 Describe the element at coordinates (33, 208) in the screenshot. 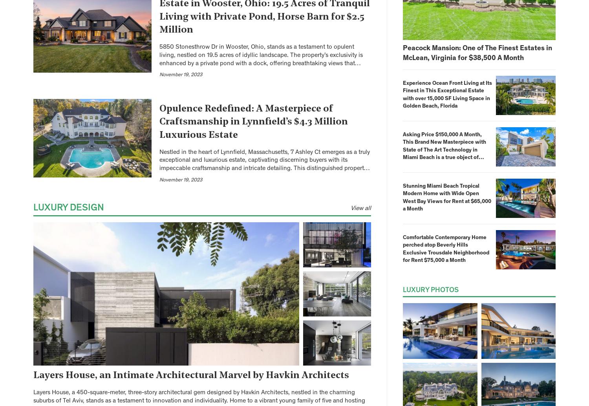

I see `'Luxury Design'` at that location.